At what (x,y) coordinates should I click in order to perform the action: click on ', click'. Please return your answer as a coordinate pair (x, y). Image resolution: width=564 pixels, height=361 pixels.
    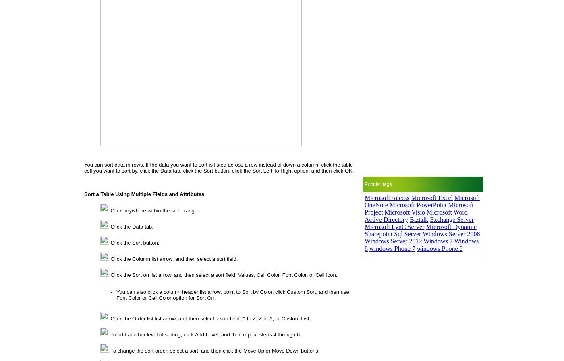
    Looking at the image, I should click on (279, 291).